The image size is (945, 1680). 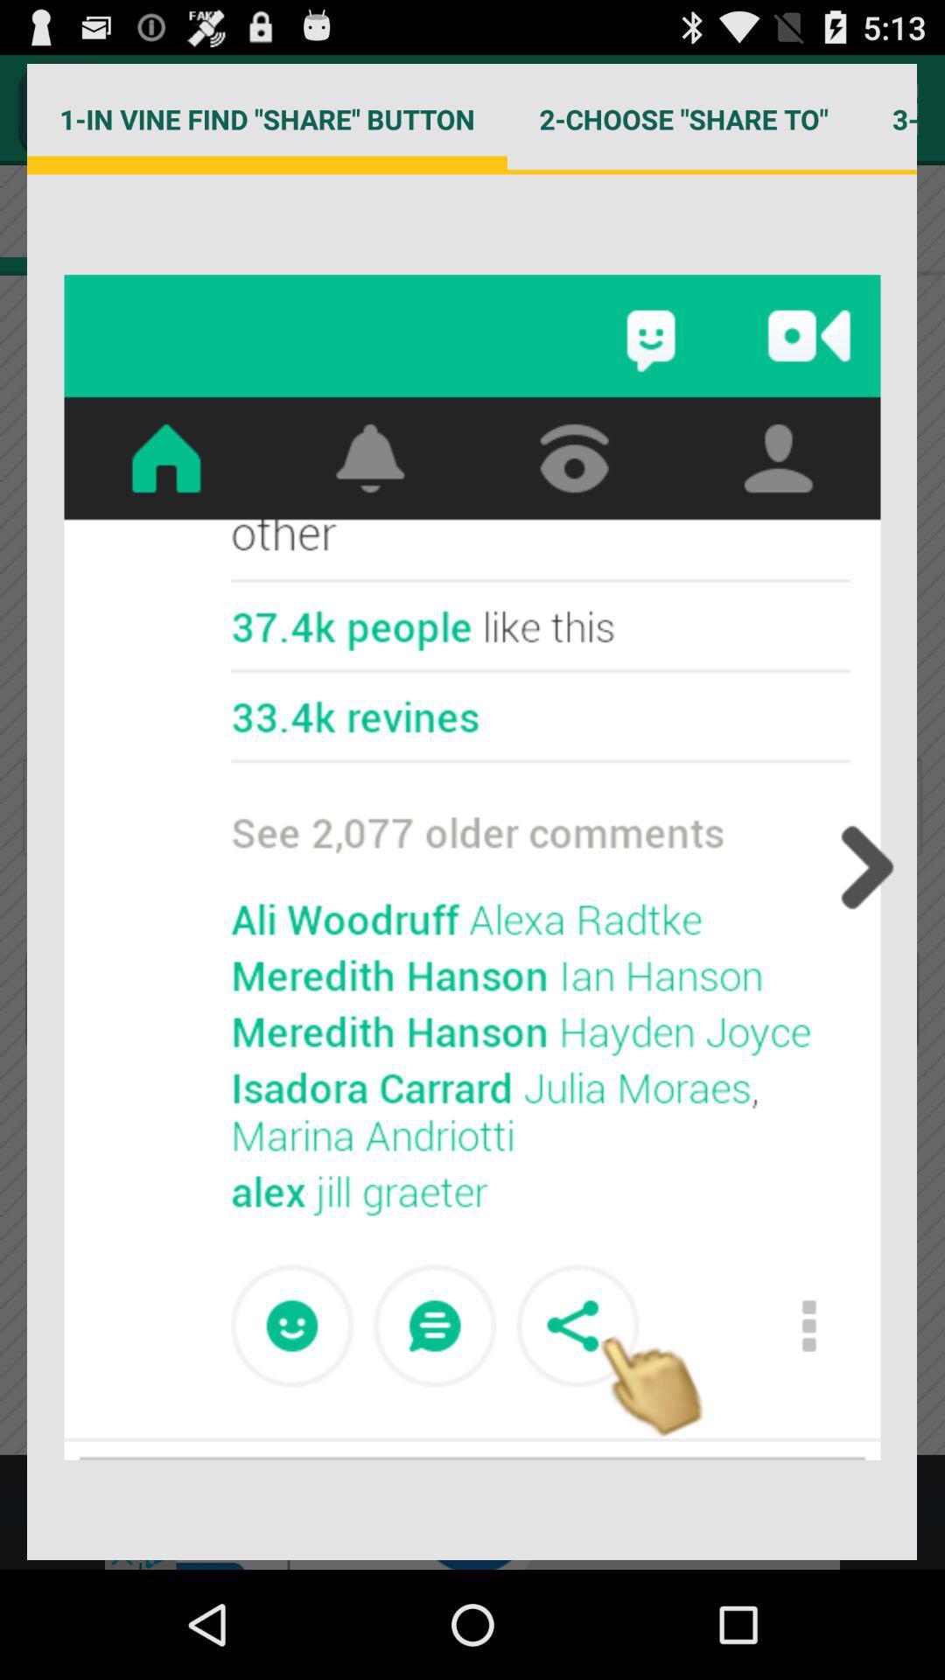 I want to click on 3-choose vdownloadr, so click(x=888, y=118).